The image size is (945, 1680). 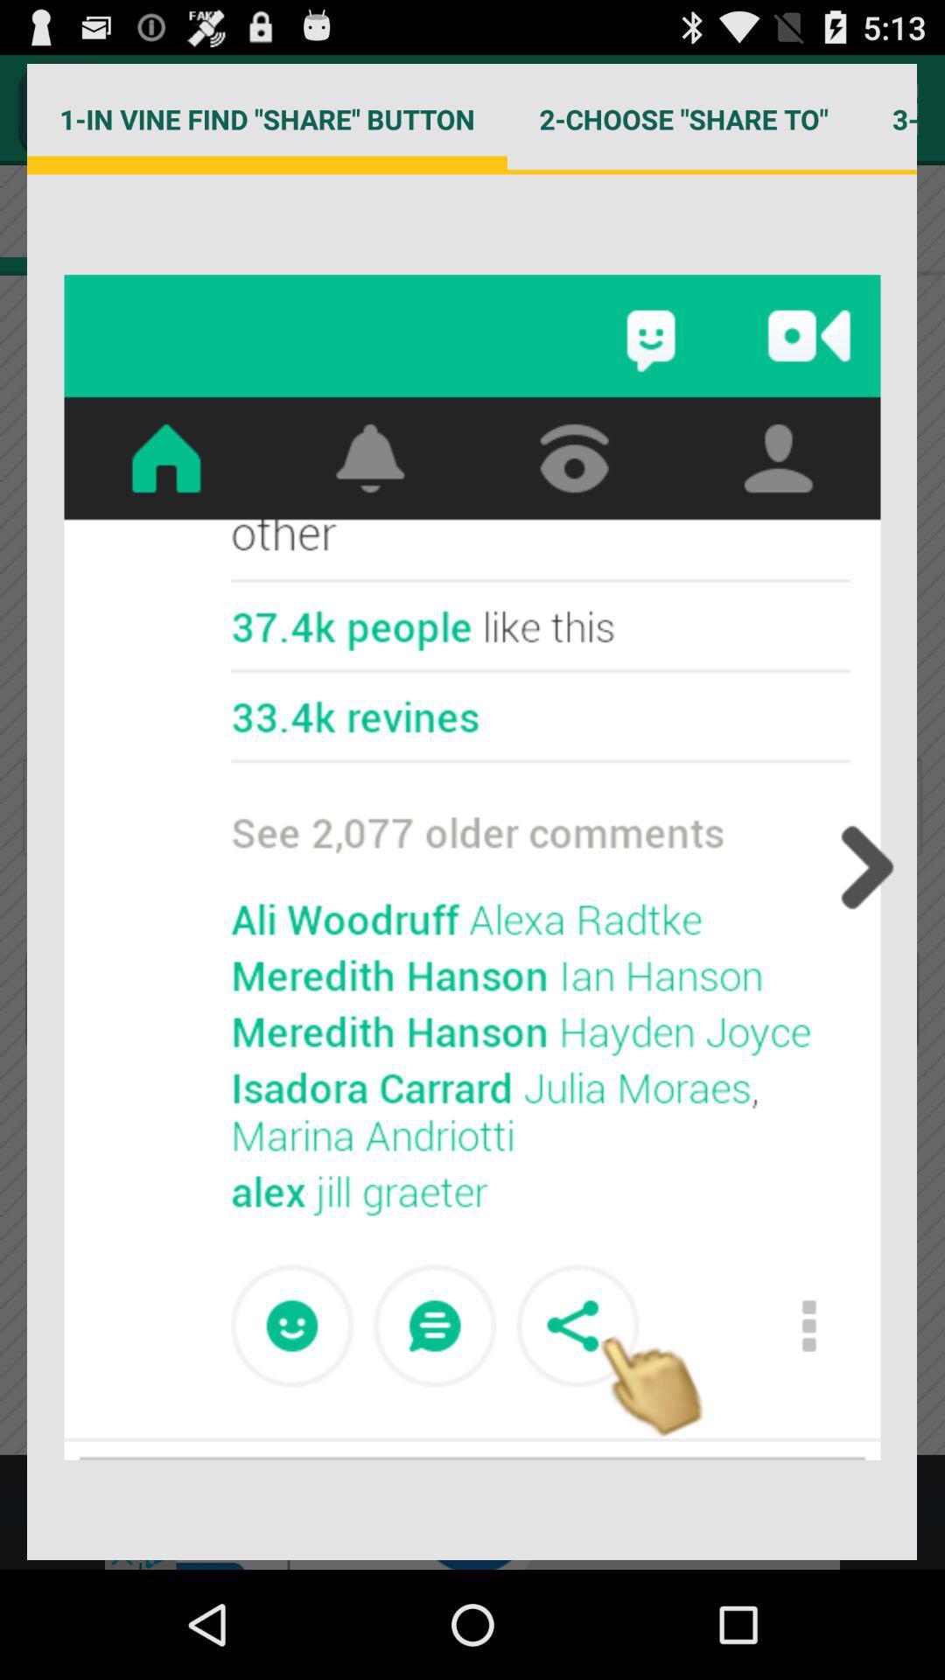 I want to click on 3-choose vdownloadr, so click(x=888, y=118).